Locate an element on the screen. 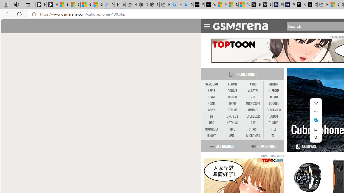 The width and height of the screenshot is (344, 193). 'BLACKVIEW' is located at coordinates (274, 110).